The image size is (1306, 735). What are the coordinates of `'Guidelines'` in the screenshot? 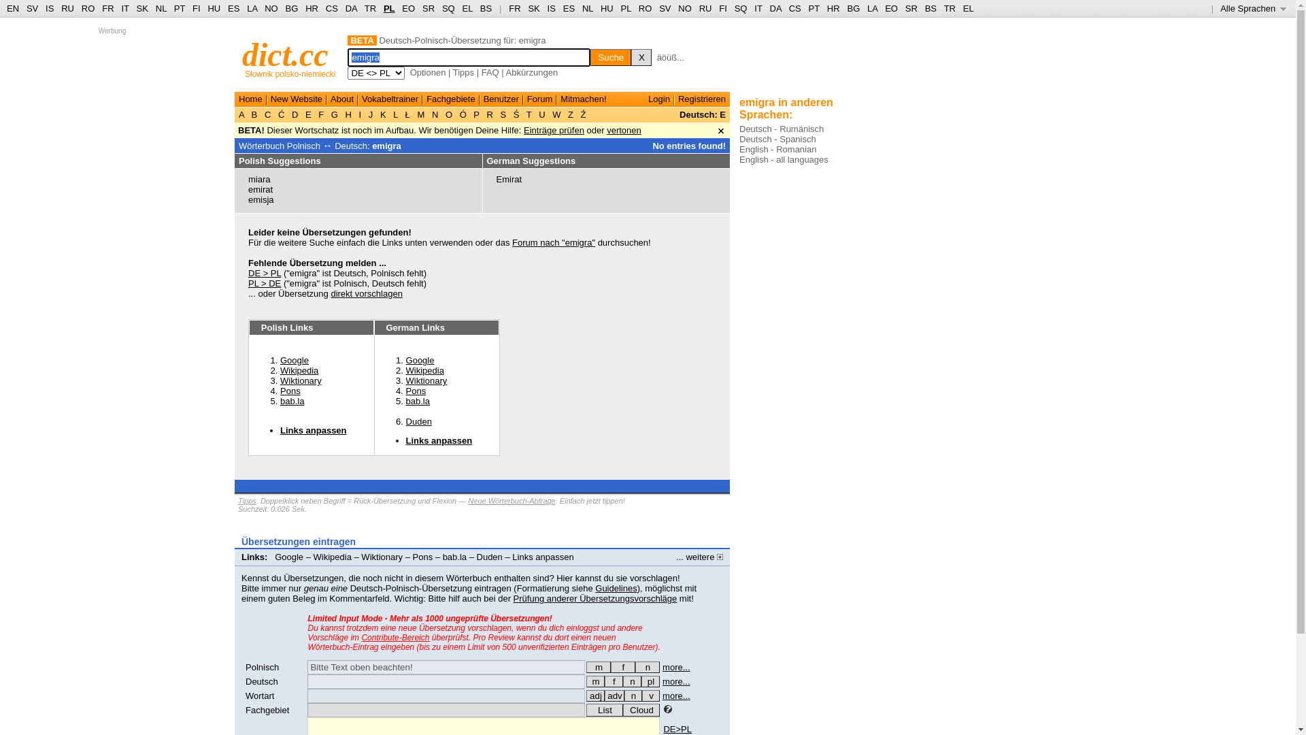 It's located at (615, 587).